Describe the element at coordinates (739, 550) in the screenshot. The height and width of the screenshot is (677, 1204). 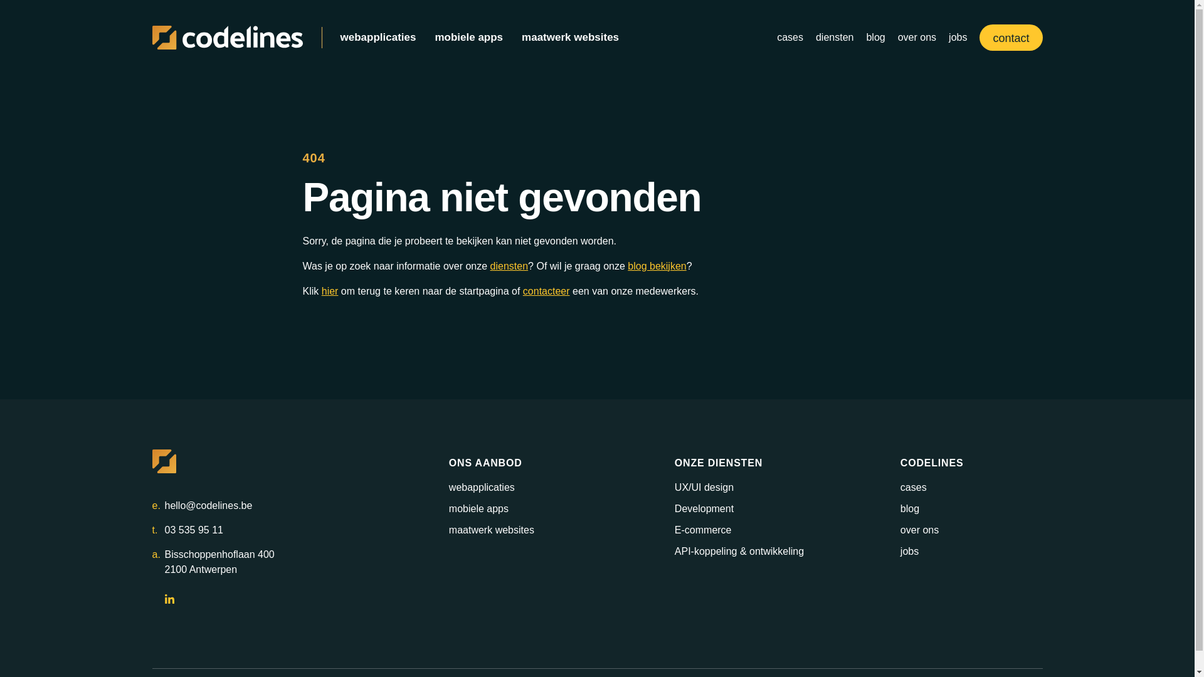
I see `'API-koppeling & ontwikkeling'` at that location.